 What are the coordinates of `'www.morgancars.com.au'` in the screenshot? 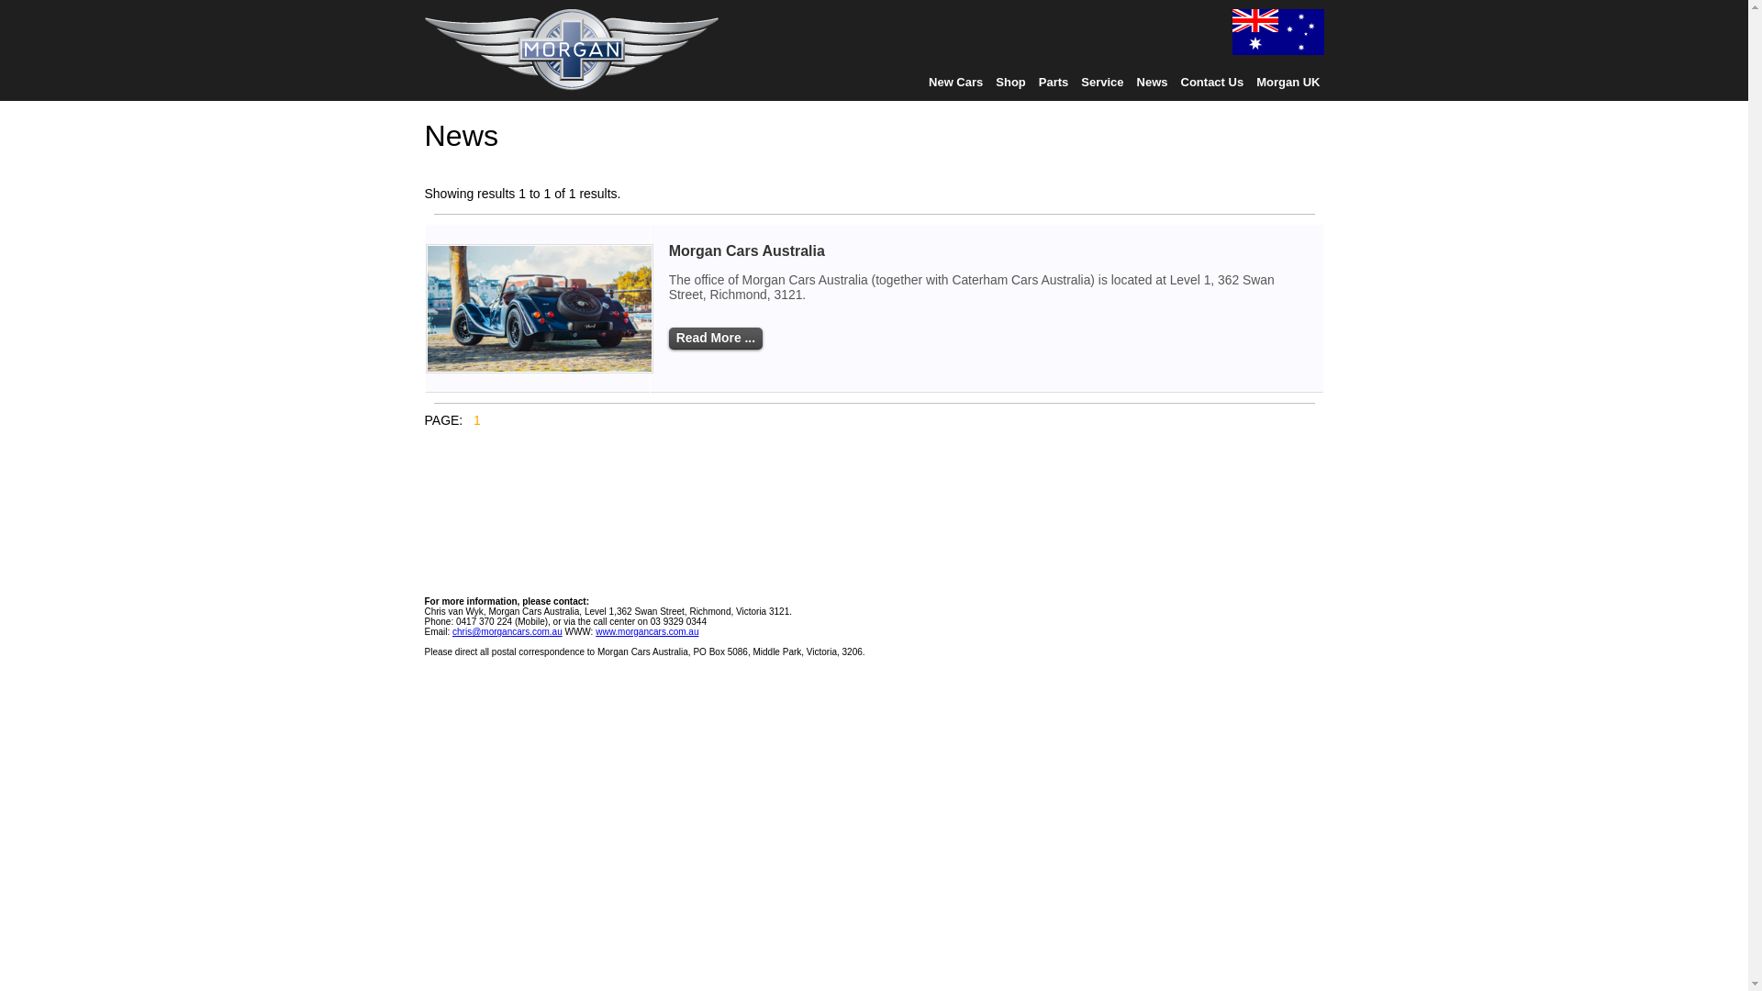 It's located at (647, 630).